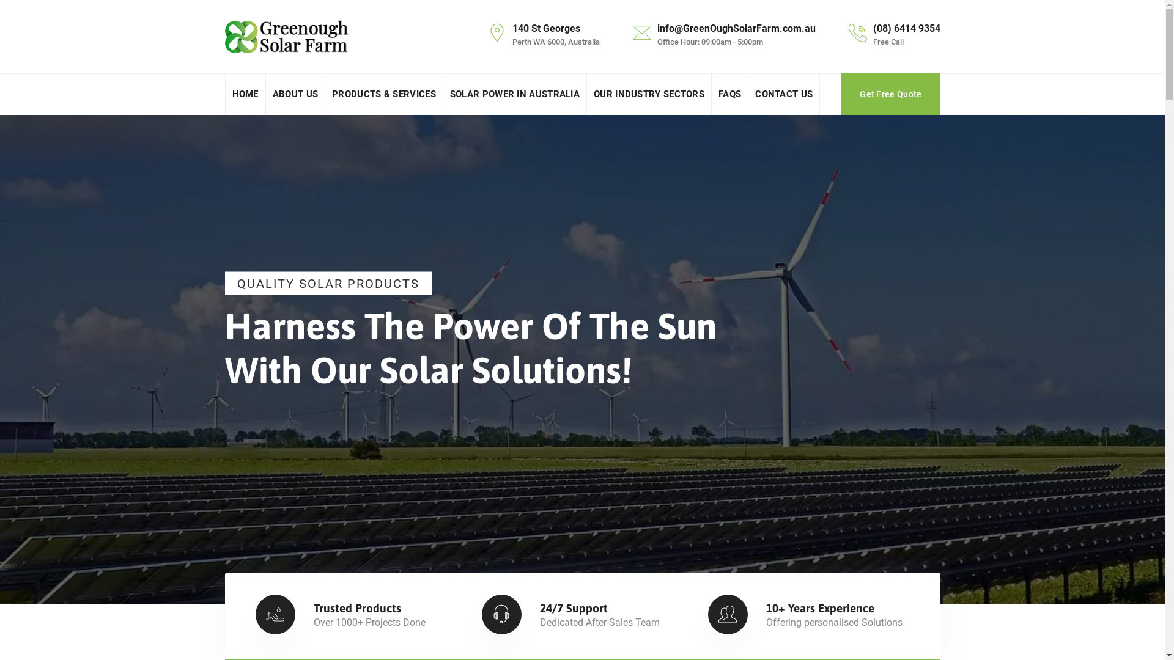 This screenshot has width=1174, height=660. What do you see at coordinates (514, 94) in the screenshot?
I see `'SOLAR POWER IN AUSTRALIA'` at bounding box center [514, 94].